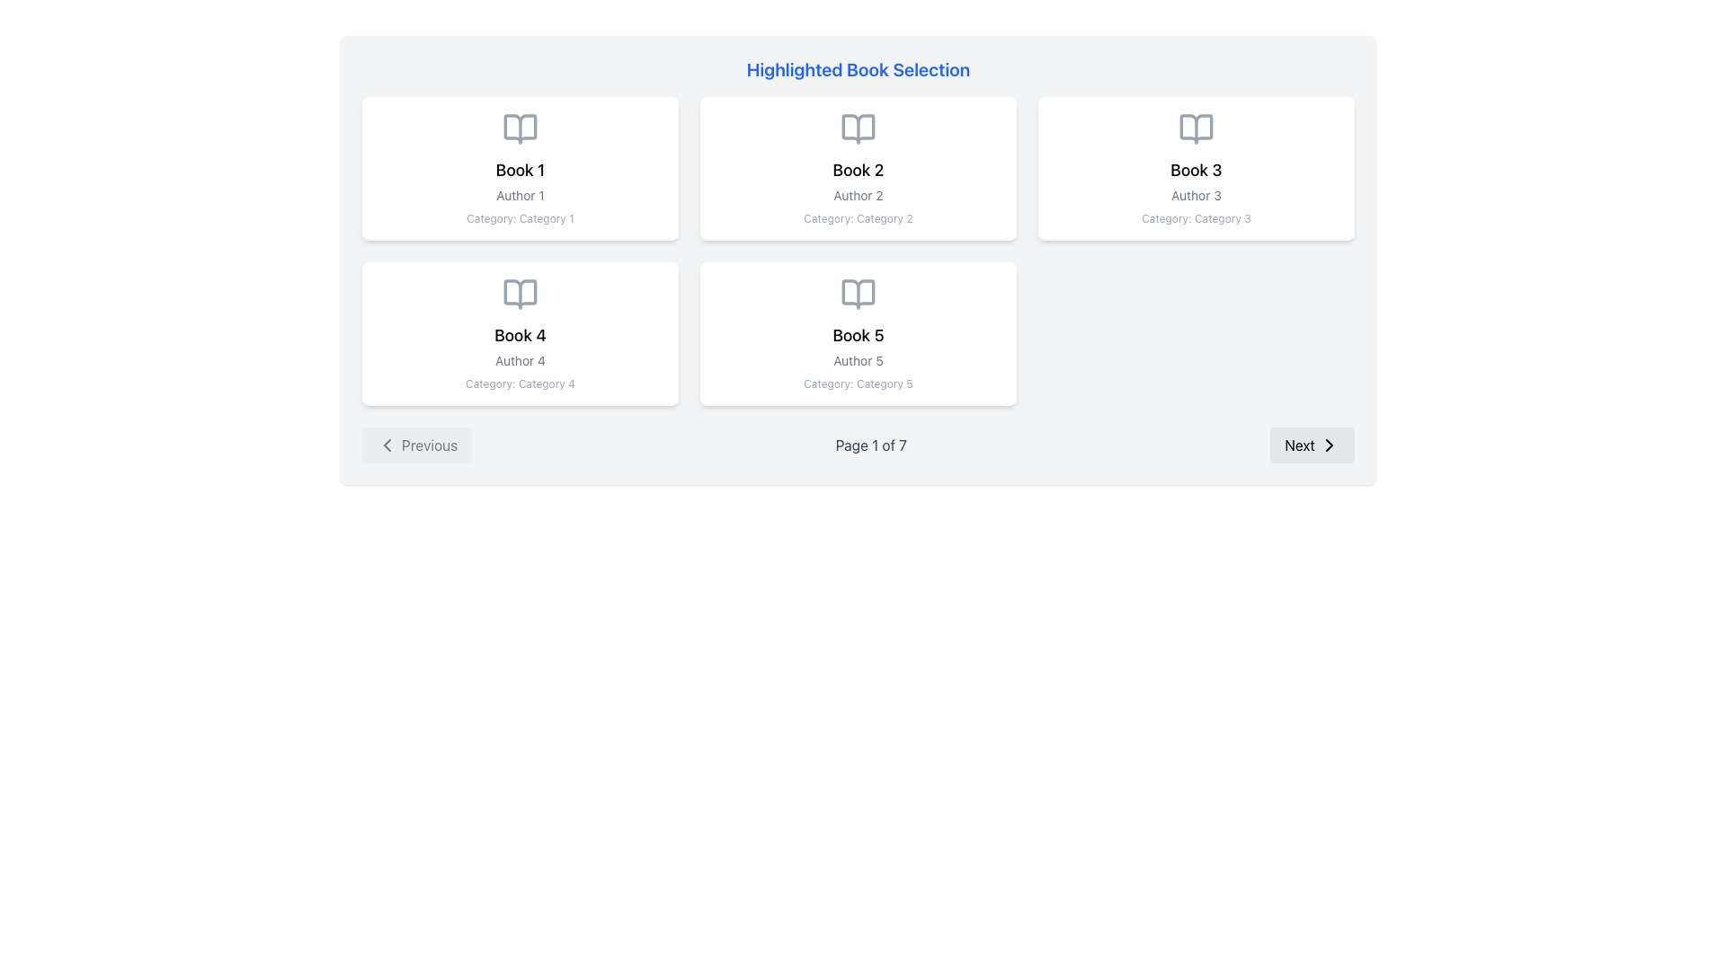  Describe the element at coordinates (858, 333) in the screenshot. I see `the fifth card in the grid layout located in the right column of the second row, which represents an entity like a book` at that location.